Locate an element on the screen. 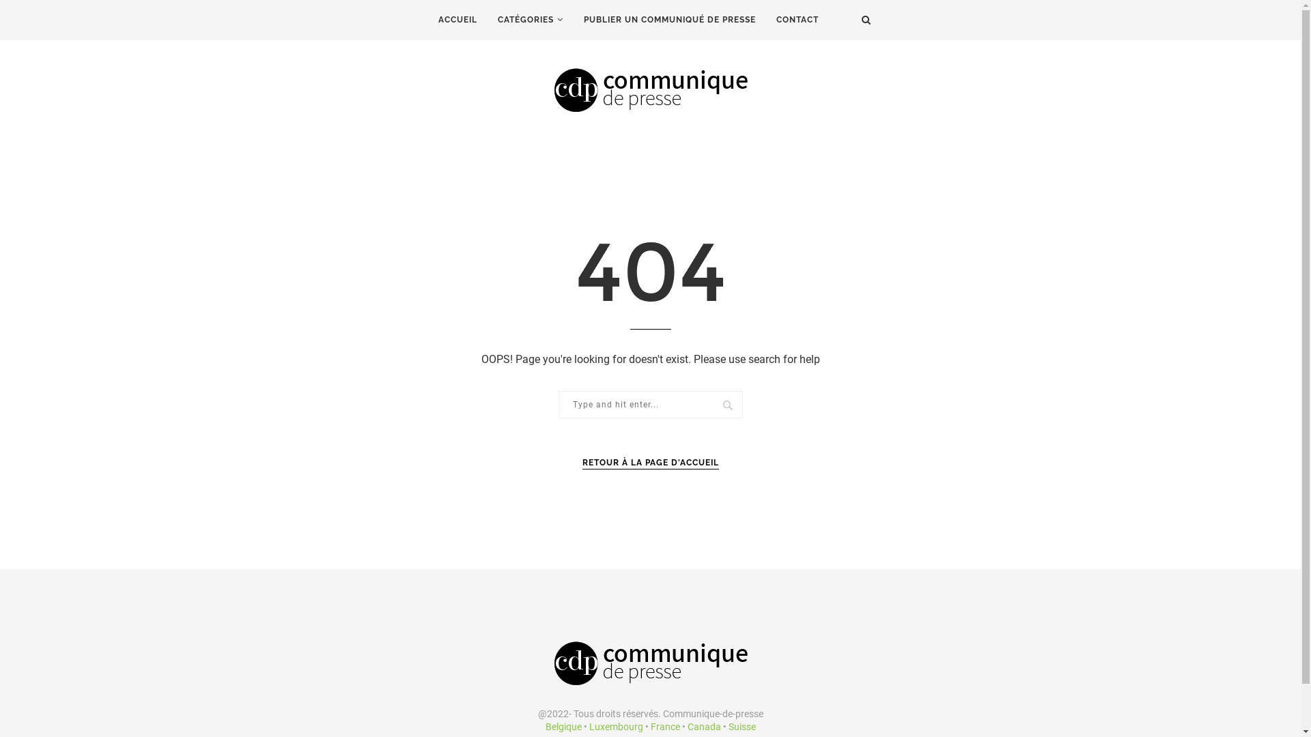  'ACCUEIL' is located at coordinates (457, 20).